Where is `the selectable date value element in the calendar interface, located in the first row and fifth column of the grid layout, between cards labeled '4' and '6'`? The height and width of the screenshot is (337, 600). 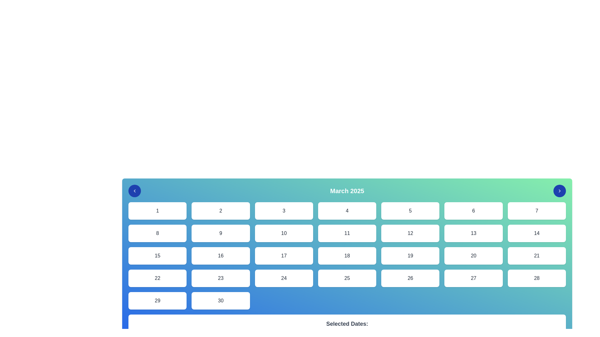 the selectable date value element in the calendar interface, located in the first row and fifth column of the grid layout, between cards labeled '4' and '6' is located at coordinates (410, 211).